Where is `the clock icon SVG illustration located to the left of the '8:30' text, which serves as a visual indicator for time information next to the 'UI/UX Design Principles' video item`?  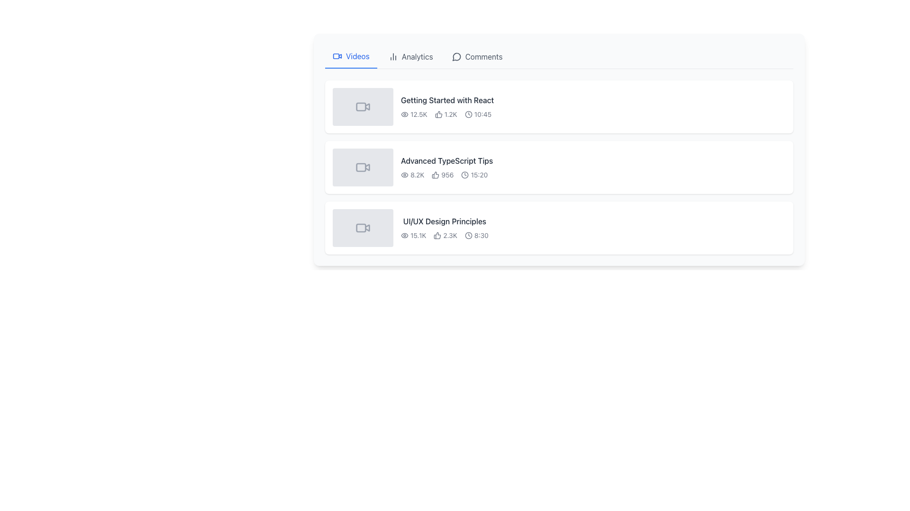
the clock icon SVG illustration located to the left of the '8:30' text, which serves as a visual indicator for time information next to the 'UI/UX Design Principles' video item is located at coordinates (468, 235).